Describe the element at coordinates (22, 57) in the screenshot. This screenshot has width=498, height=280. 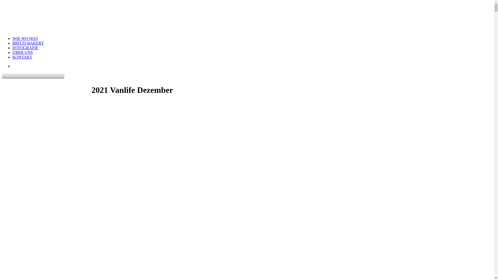
I see `'KONTAKT'` at that location.